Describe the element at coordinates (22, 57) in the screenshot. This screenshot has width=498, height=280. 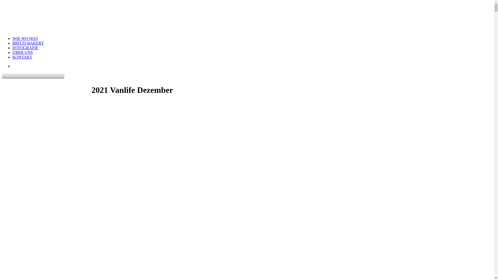
I see `'KONTAKT'` at that location.